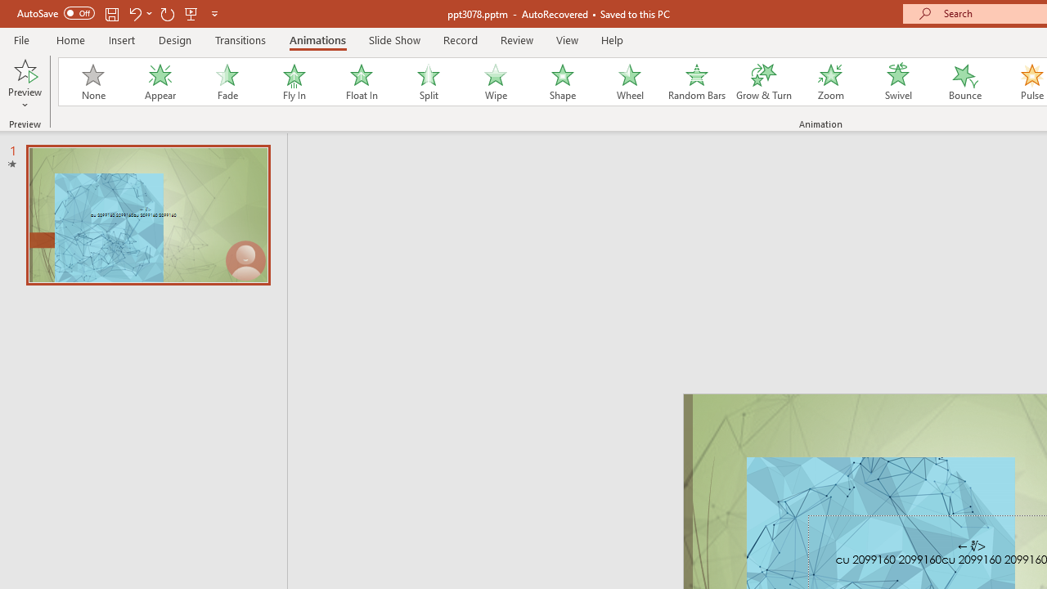  What do you see at coordinates (160, 82) in the screenshot?
I see `'Appear'` at bounding box center [160, 82].